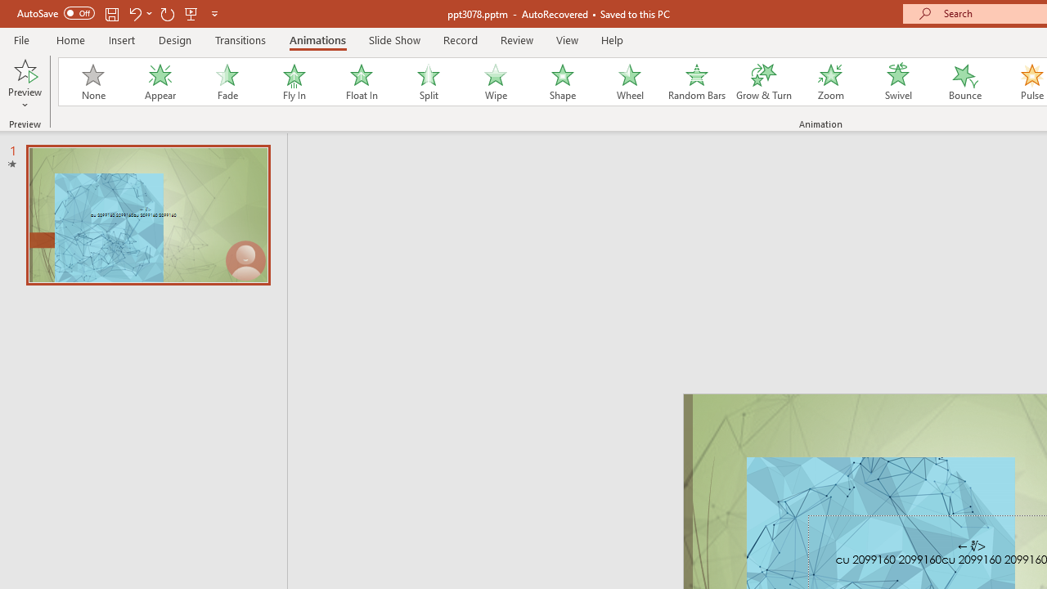  What do you see at coordinates (160, 82) in the screenshot?
I see `'Appear'` at bounding box center [160, 82].